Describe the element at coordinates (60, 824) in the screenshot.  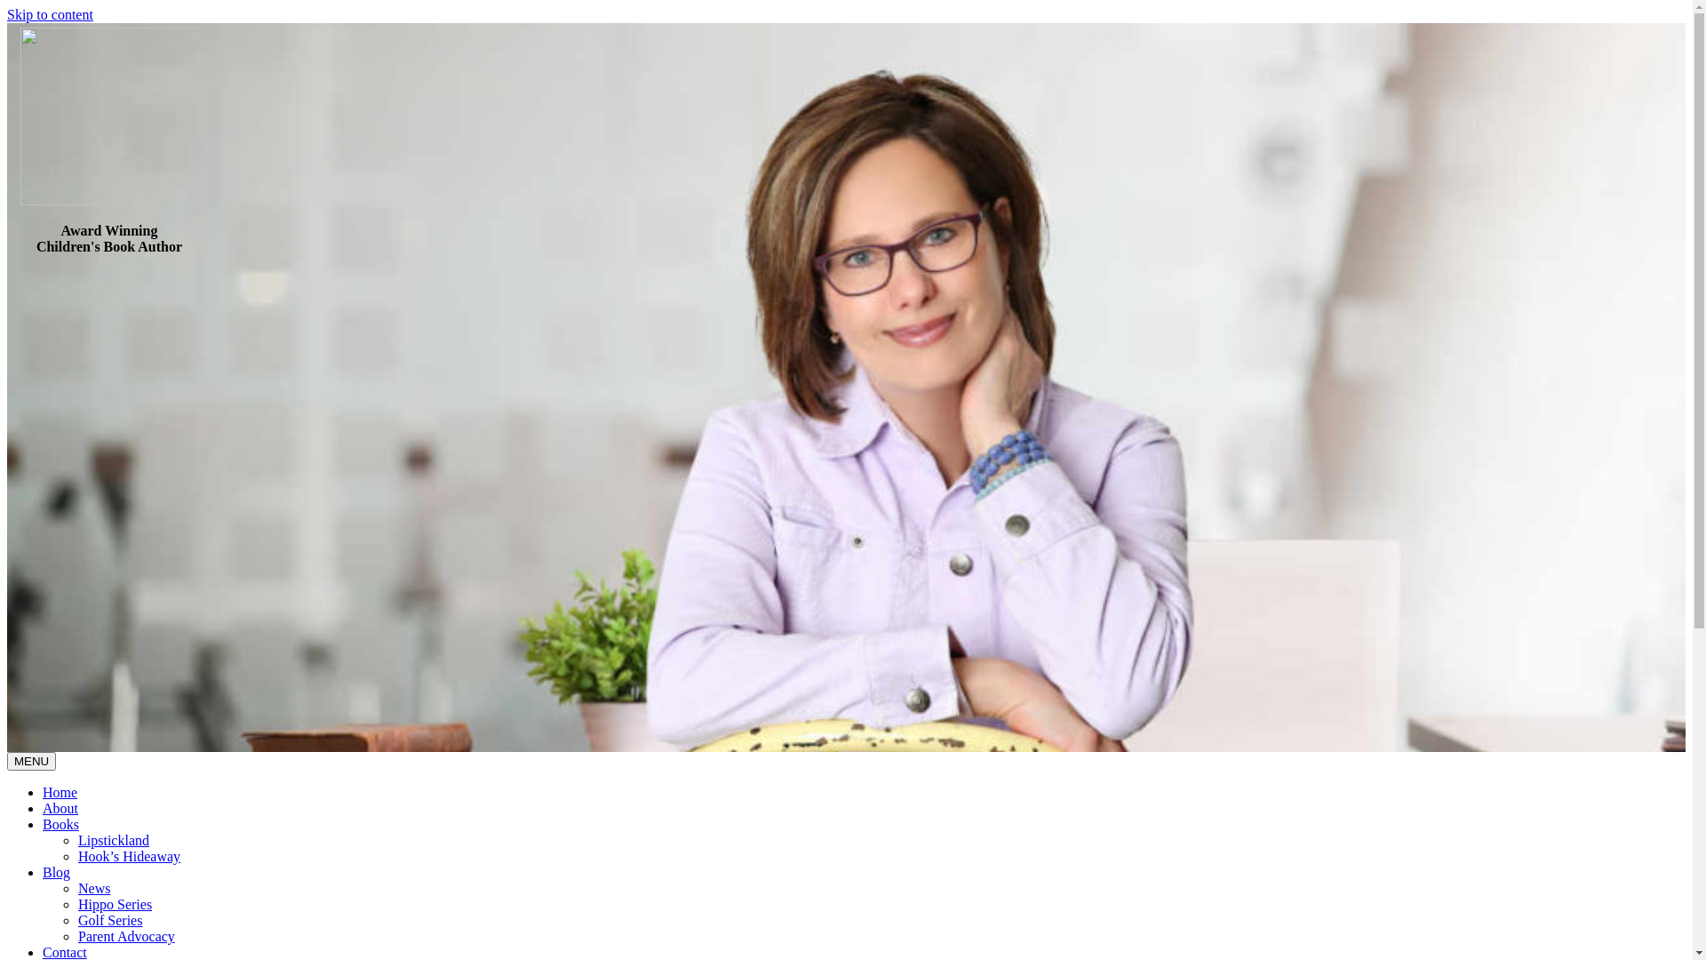
I see `'Books'` at that location.